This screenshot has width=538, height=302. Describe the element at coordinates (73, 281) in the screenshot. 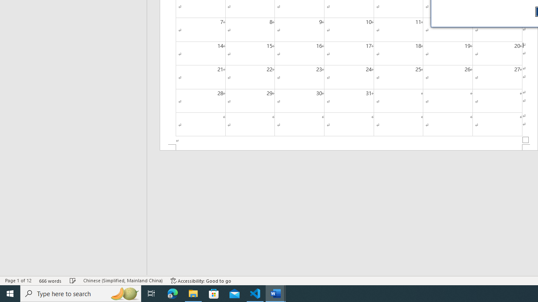

I see `'Spelling and Grammar Check Checking'` at that location.